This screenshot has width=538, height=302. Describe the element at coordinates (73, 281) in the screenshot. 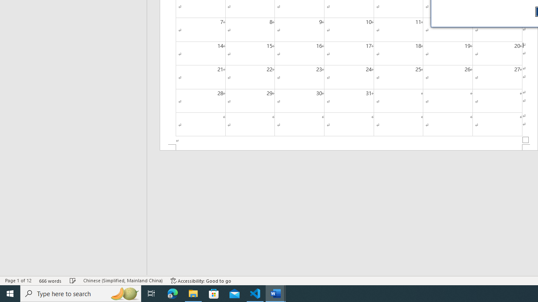

I see `'Spelling and Grammar Check Checking'` at that location.